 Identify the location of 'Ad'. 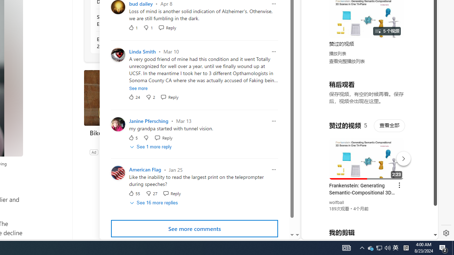
(93, 152).